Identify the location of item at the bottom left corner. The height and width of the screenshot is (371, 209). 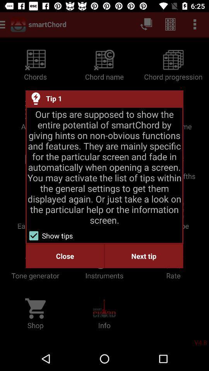
(65, 256).